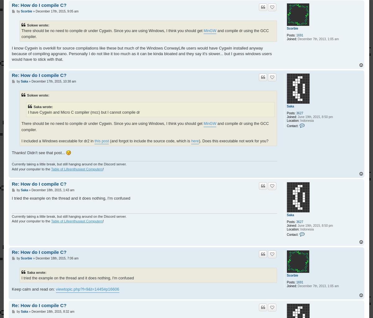 The image size is (373, 318). Describe the element at coordinates (21, 140) in the screenshot. I see `'I included a Windows executable for dr2 in'` at that location.